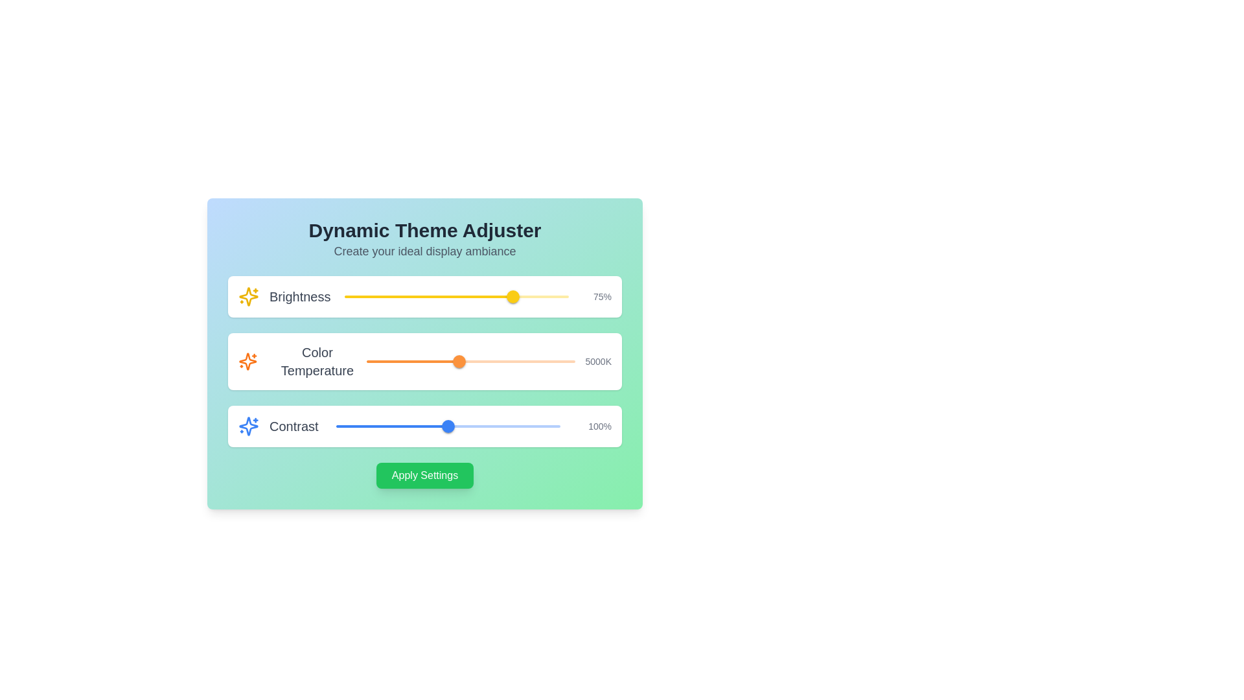 This screenshot has height=700, width=1244. What do you see at coordinates (425, 475) in the screenshot?
I see `the green 'Apply Settings' button with rounded corners to change its color to a darker shade` at bounding box center [425, 475].